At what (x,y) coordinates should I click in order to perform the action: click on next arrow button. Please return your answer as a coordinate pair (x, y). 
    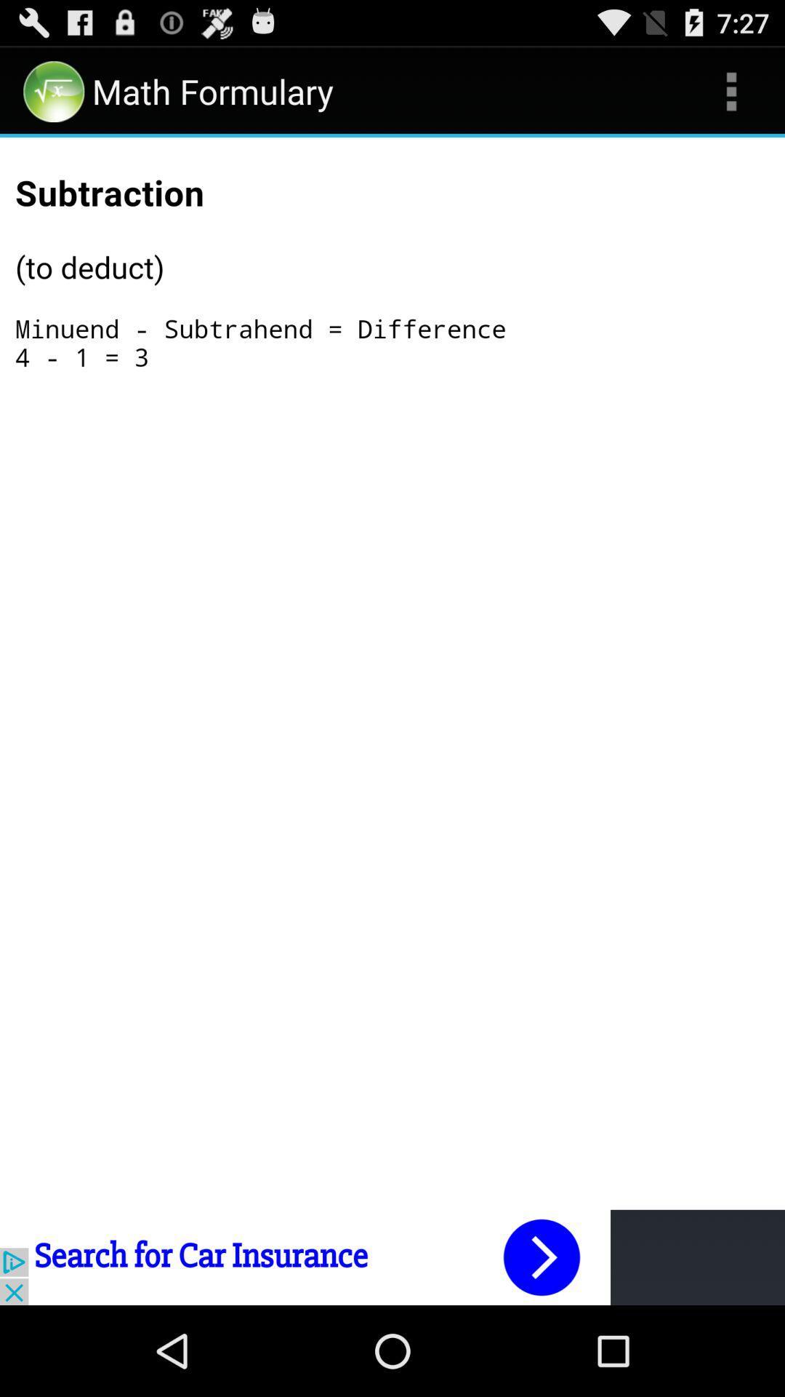
    Looking at the image, I should click on (392, 1257).